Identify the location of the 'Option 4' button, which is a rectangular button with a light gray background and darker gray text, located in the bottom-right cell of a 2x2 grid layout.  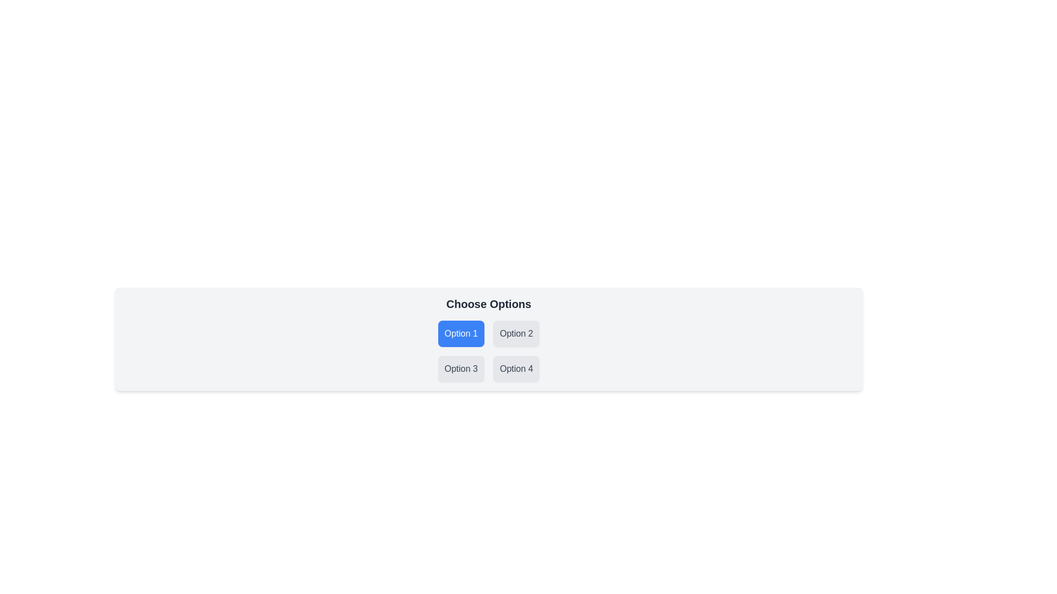
(516, 369).